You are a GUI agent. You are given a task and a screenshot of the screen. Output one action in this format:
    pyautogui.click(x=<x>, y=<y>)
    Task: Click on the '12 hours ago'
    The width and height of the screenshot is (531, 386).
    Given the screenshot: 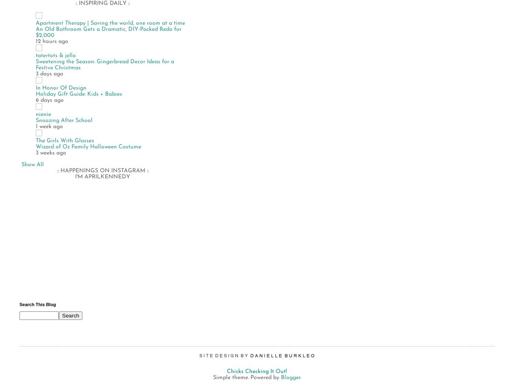 What is the action you would take?
    pyautogui.click(x=52, y=41)
    